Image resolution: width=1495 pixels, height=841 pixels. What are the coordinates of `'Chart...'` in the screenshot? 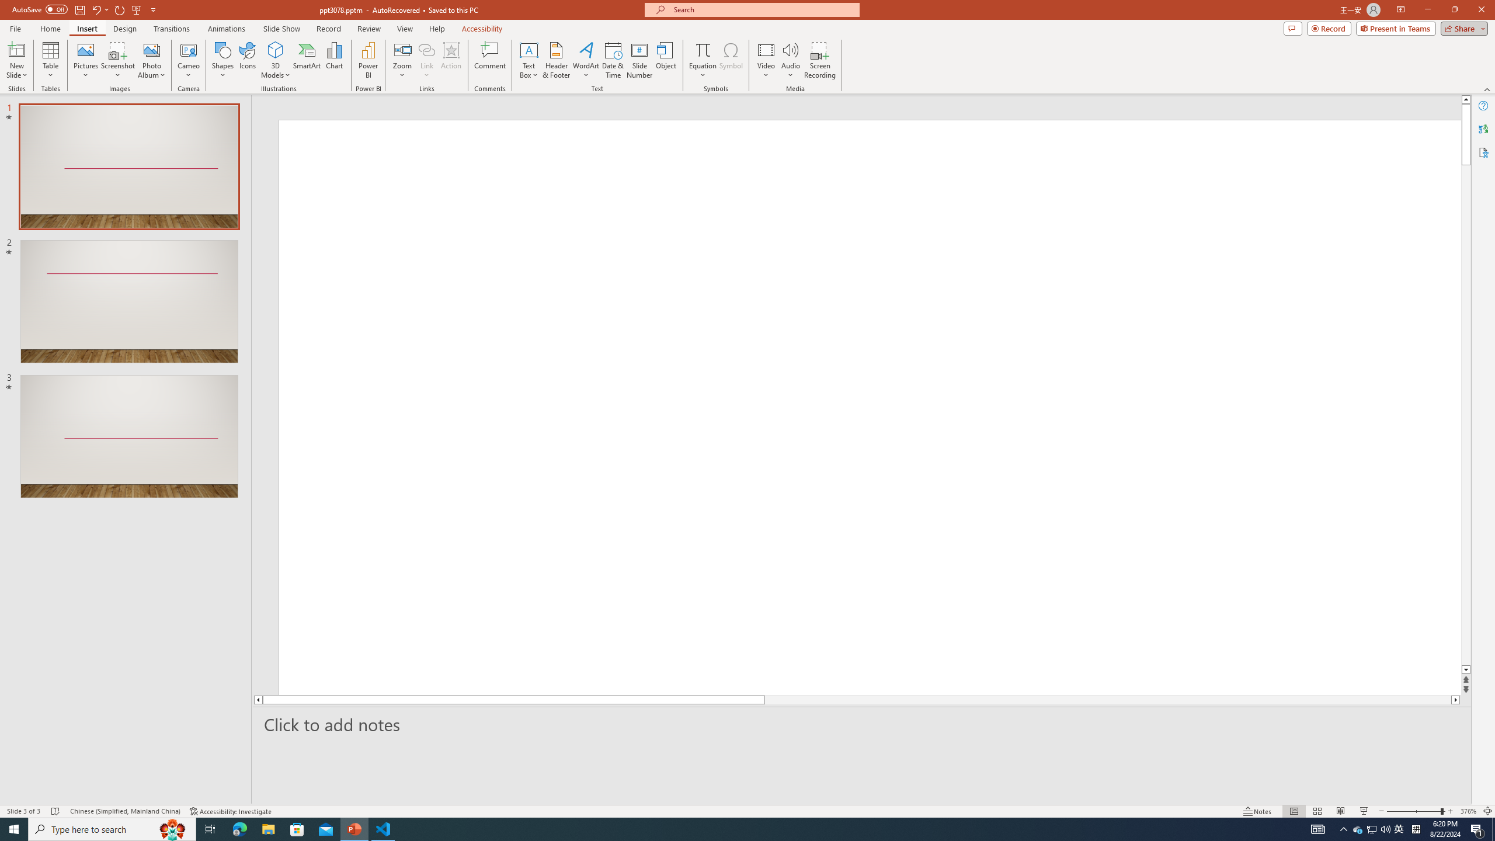 It's located at (334, 60).